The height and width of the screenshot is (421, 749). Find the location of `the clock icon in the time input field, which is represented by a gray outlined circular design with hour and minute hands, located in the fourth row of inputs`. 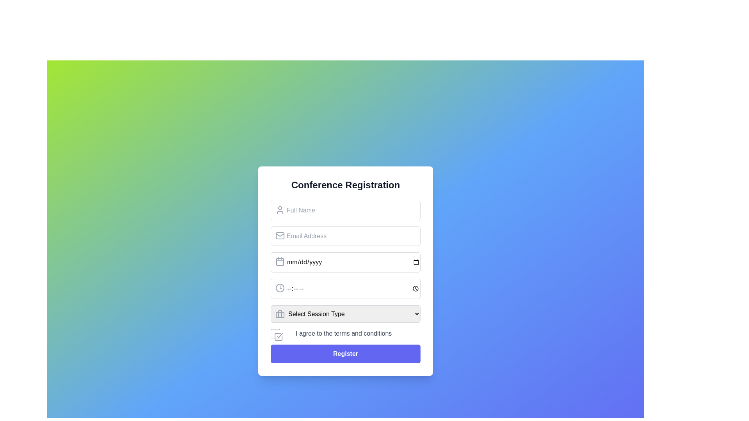

the clock icon in the time input field, which is represented by a gray outlined circular design with hour and minute hands, located in the fourth row of inputs is located at coordinates (280, 288).